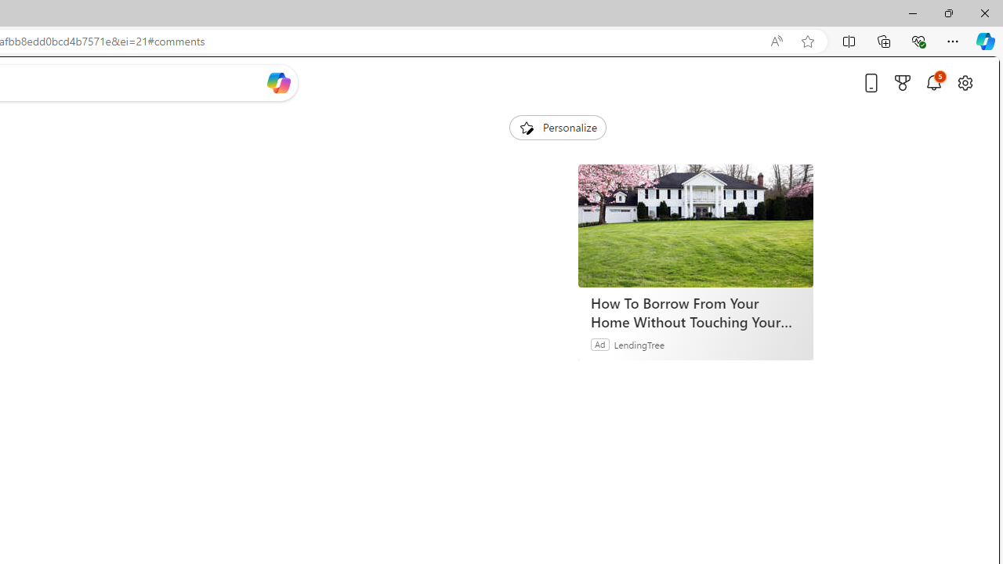 The height and width of the screenshot is (564, 1003). What do you see at coordinates (557, 127) in the screenshot?
I see `'Personalize'` at bounding box center [557, 127].